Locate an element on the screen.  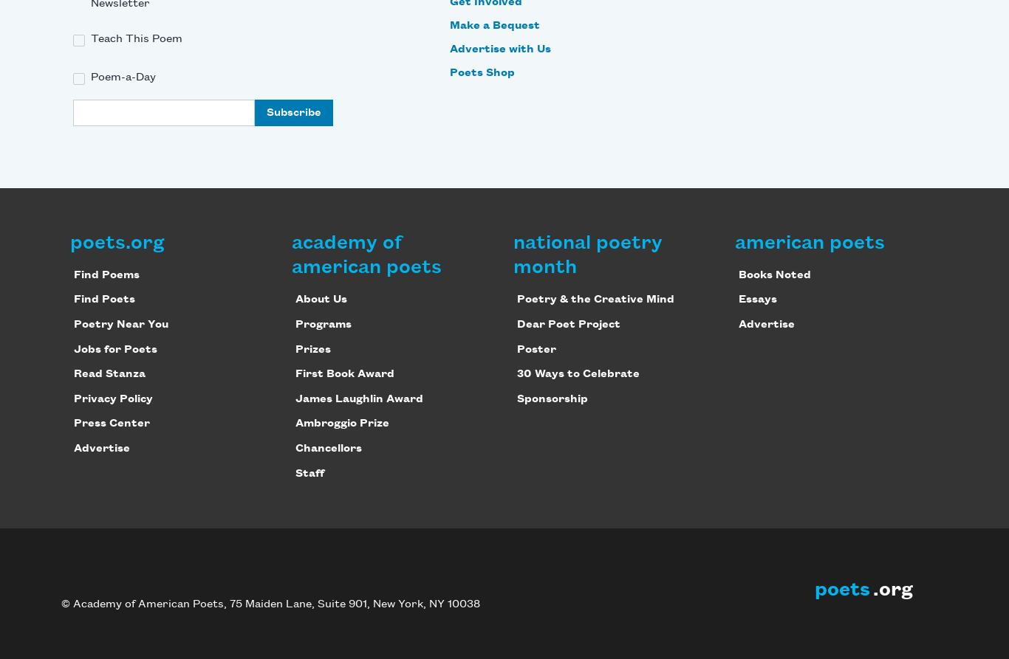
'First Book Award' is located at coordinates (343, 373).